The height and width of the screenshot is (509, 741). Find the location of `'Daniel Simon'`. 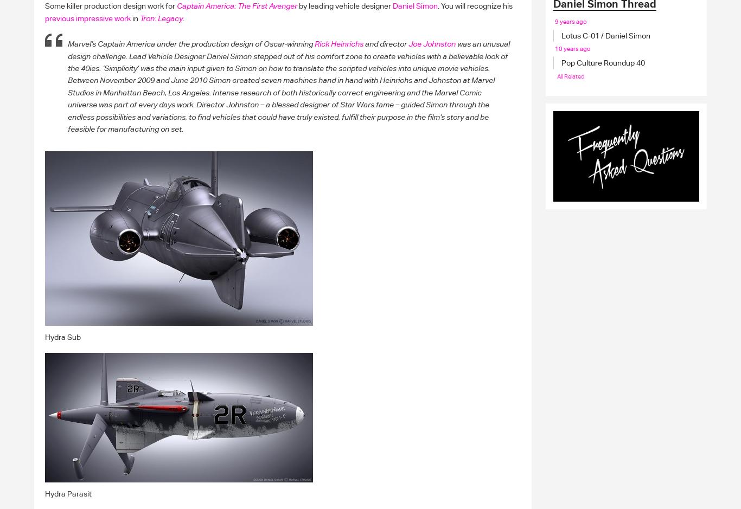

'Daniel Simon' is located at coordinates (415, 5).